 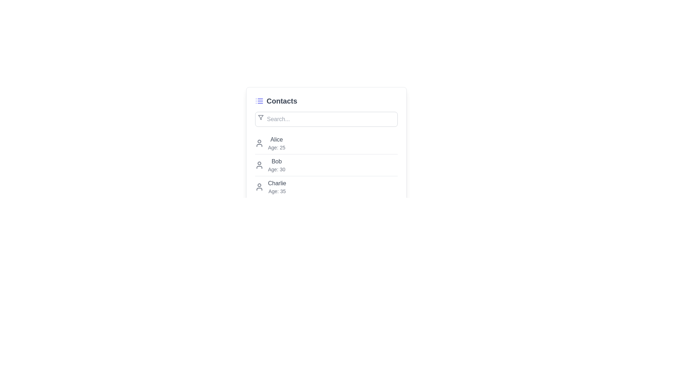 I want to click on the 'Contacts' text label, which is displayed in a bold, large font and is dark gray in color, located centrally in the upper-left part of the layout, right after an adjacent icon, so click(x=281, y=101).